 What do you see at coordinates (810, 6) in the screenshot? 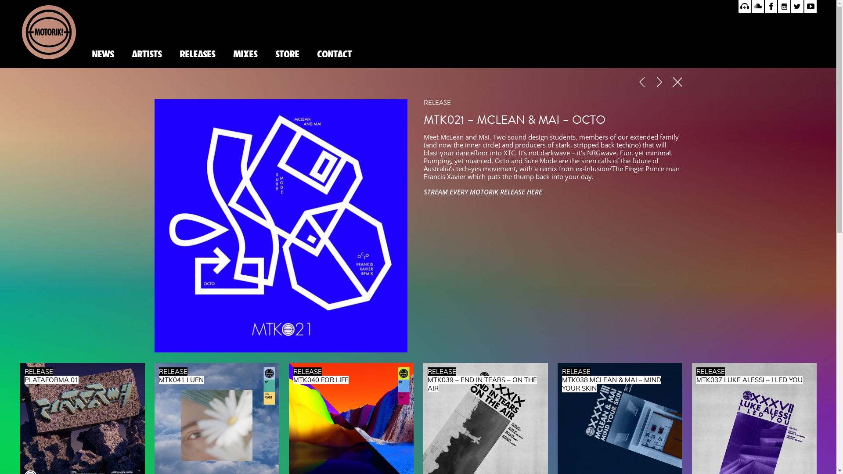
I see `'youtube'` at bounding box center [810, 6].